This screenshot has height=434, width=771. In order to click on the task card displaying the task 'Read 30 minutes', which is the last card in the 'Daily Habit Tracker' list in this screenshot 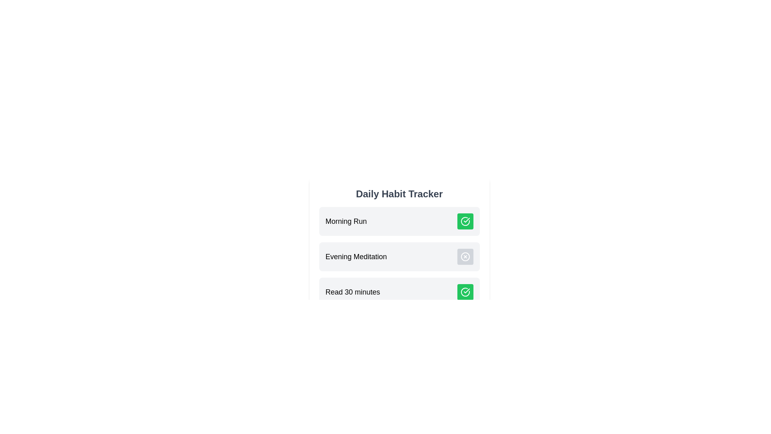, I will do `click(399, 292)`.